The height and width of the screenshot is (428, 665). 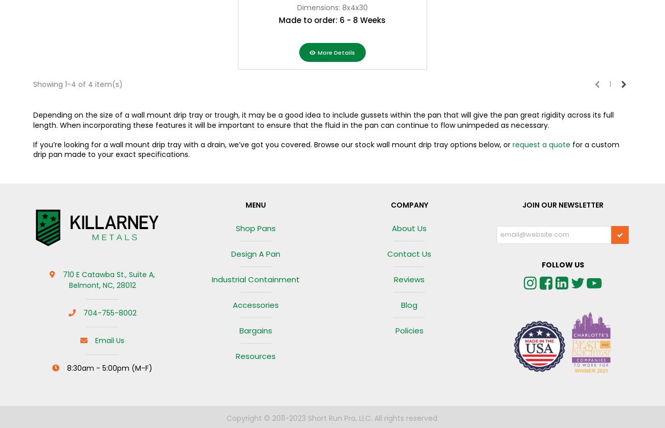 I want to click on 'Contact us', so click(x=409, y=253).